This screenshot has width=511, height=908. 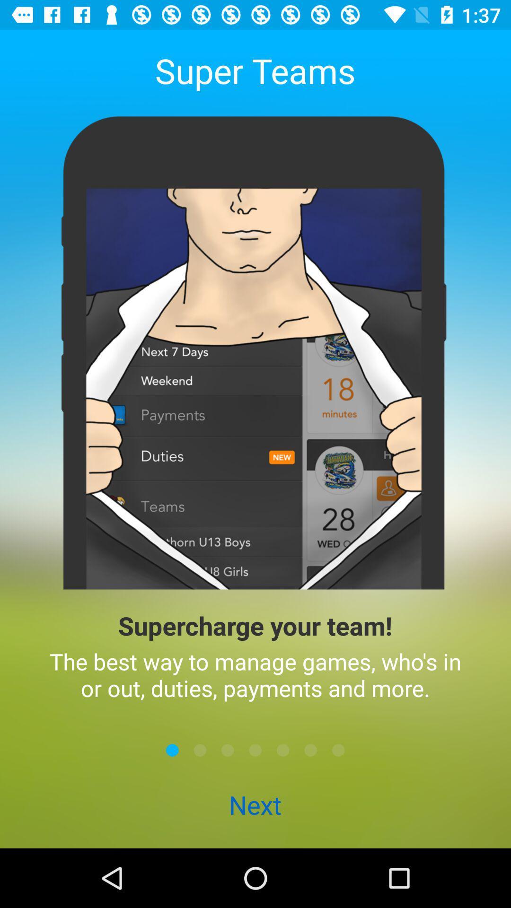 I want to click on icon above the next icon, so click(x=255, y=750).